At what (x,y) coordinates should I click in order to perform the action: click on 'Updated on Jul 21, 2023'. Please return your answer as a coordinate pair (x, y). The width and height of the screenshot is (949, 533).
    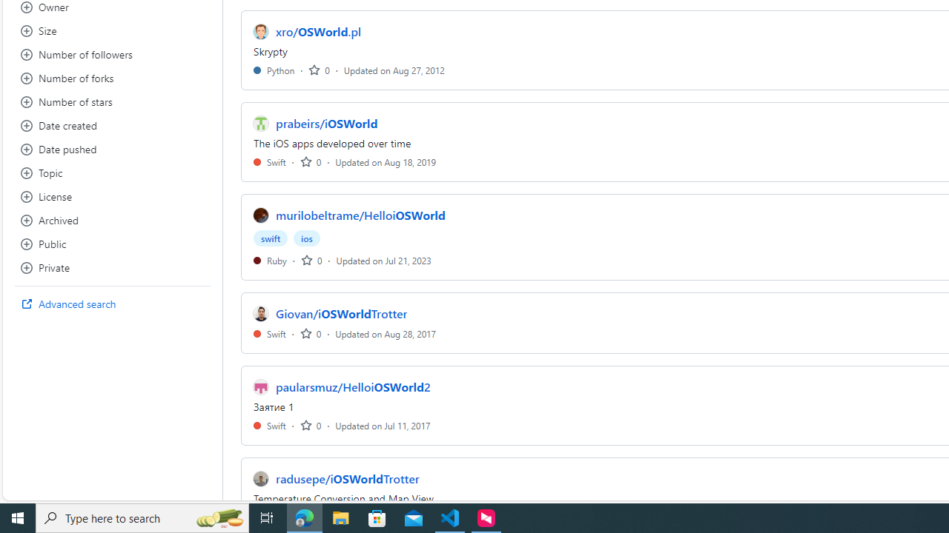
    Looking at the image, I should click on (383, 259).